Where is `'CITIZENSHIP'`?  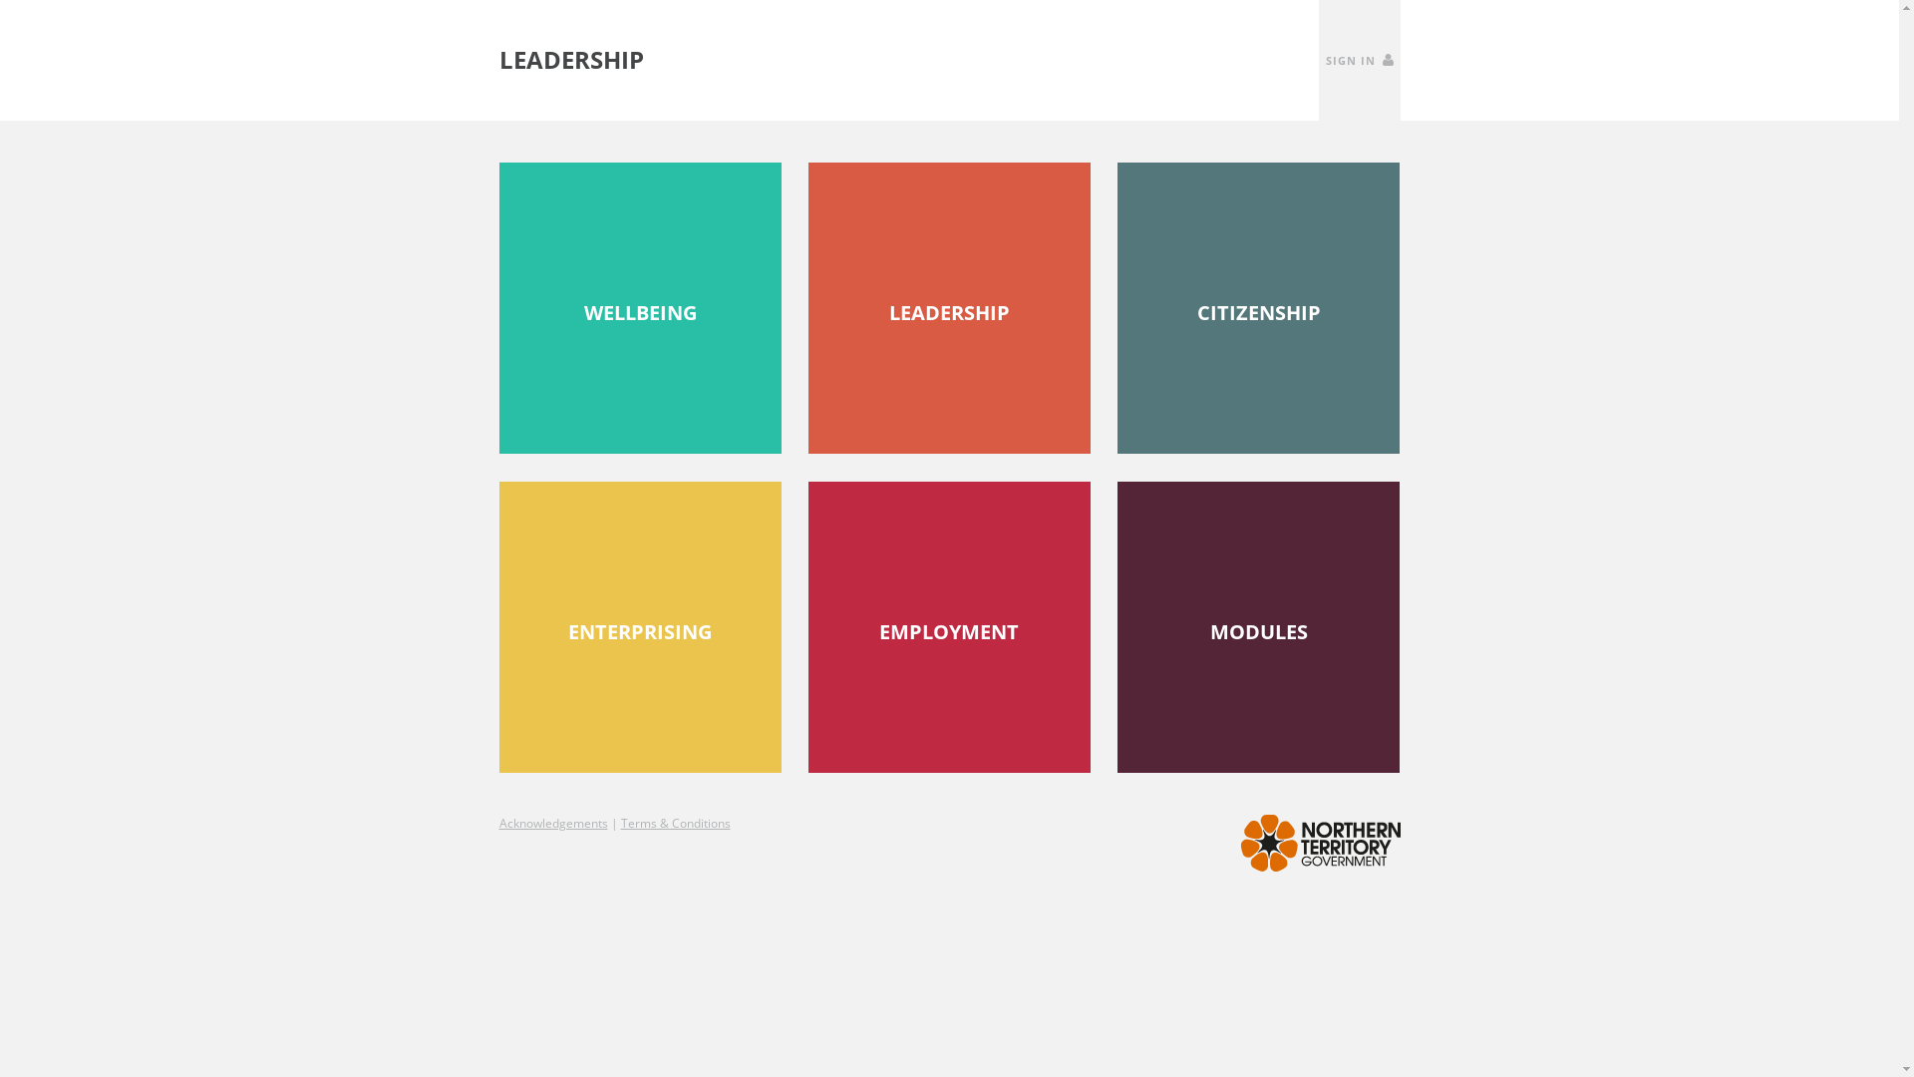 'CITIZENSHIP' is located at coordinates (1117, 307).